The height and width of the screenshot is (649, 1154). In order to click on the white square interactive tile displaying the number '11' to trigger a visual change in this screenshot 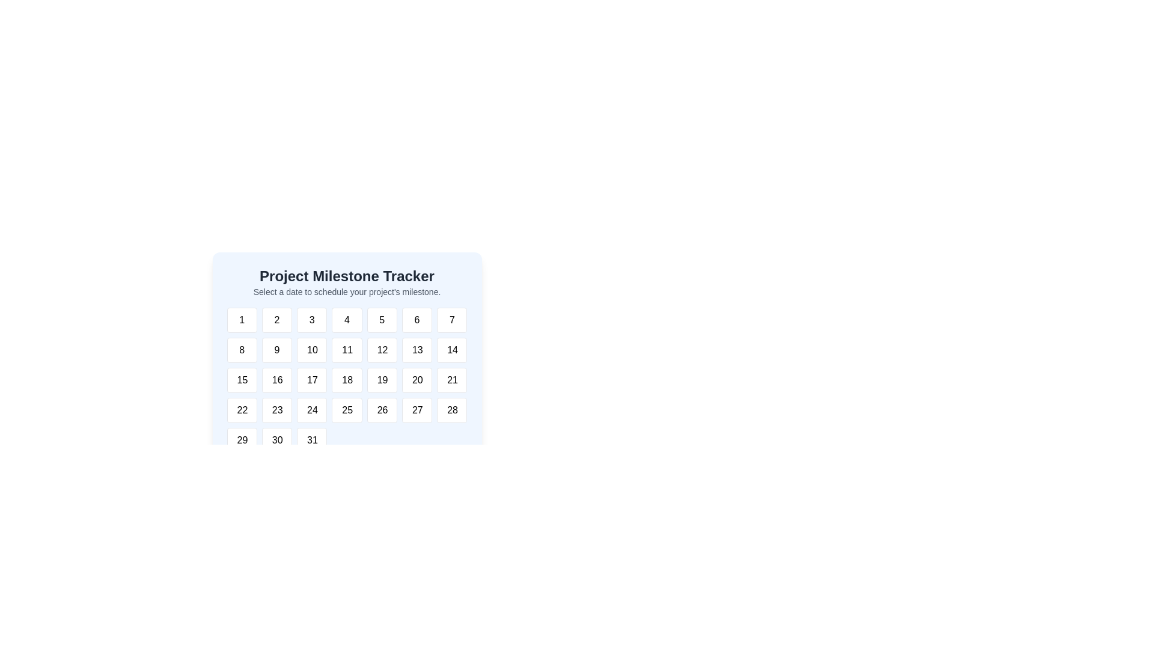, I will do `click(346, 350)`.